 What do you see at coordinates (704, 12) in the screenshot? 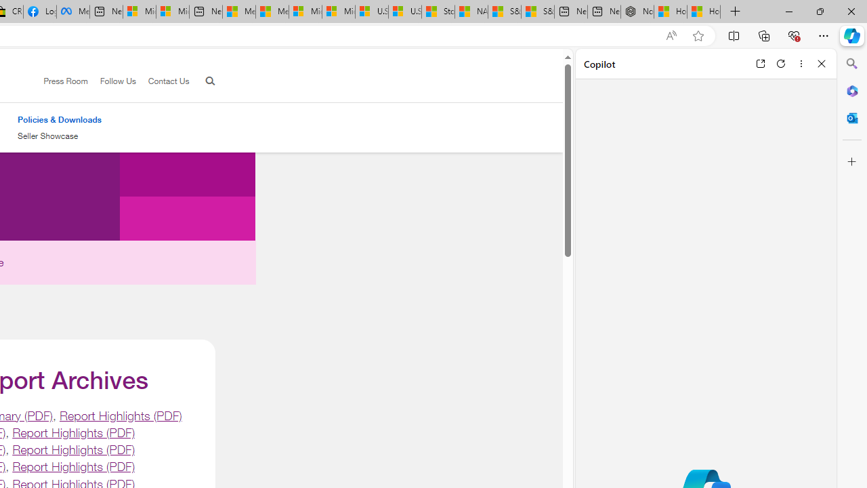
I see `'How to Use a Monitor With Your Closed Laptop'` at bounding box center [704, 12].